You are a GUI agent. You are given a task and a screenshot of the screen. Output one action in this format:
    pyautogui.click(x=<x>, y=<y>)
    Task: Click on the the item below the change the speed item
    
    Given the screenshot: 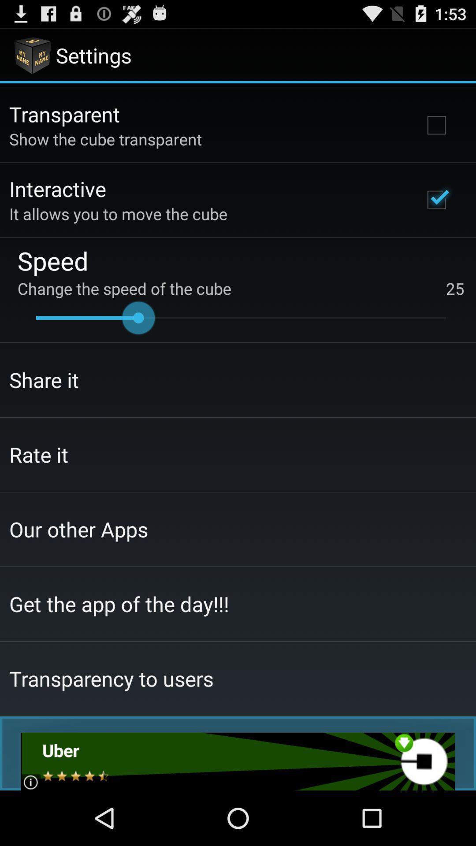 What is the action you would take?
    pyautogui.click(x=241, y=317)
    